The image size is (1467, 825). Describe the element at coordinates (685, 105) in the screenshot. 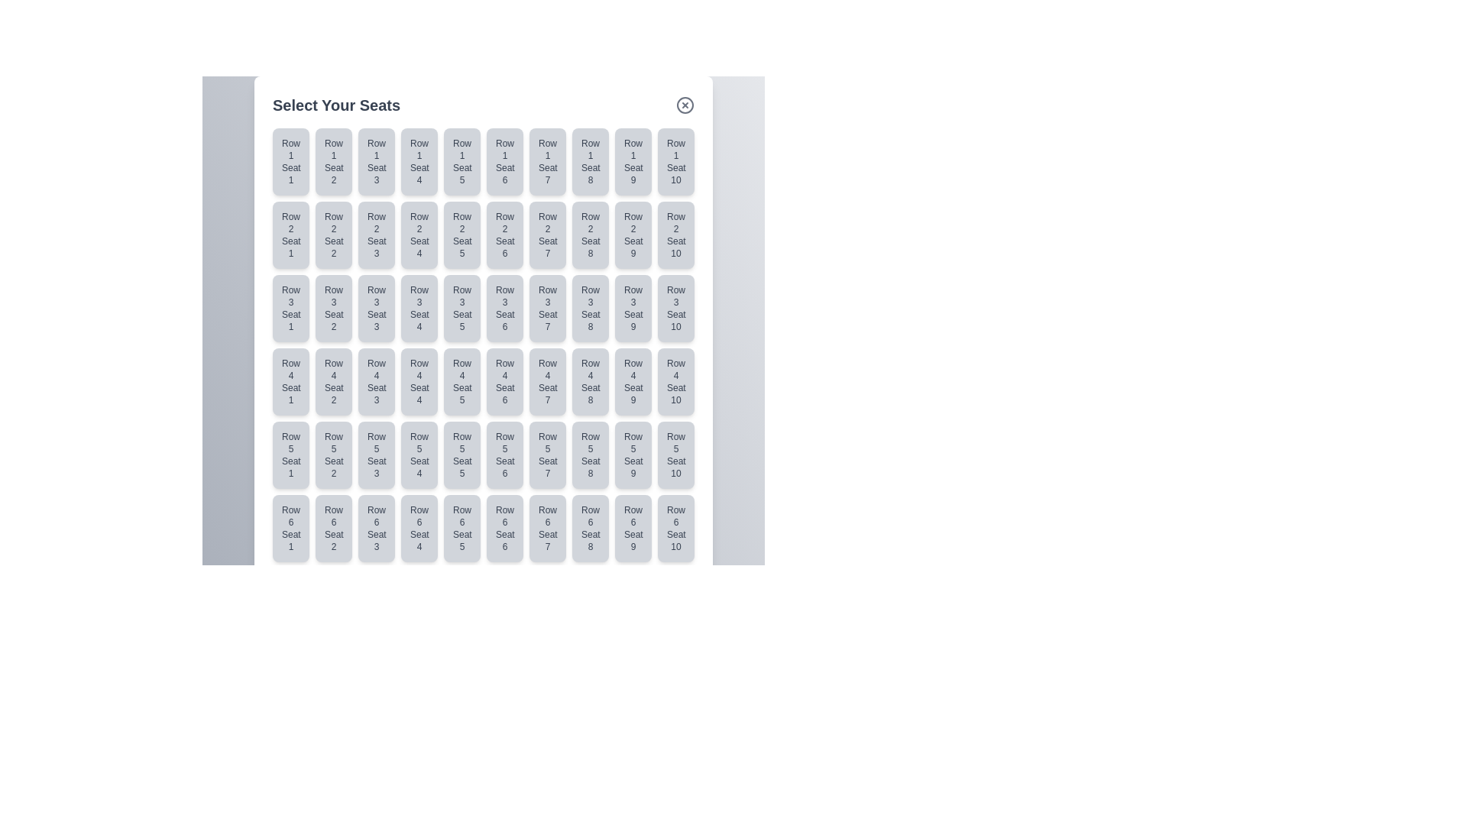

I see `the close button to close the seat selection dialog` at that location.